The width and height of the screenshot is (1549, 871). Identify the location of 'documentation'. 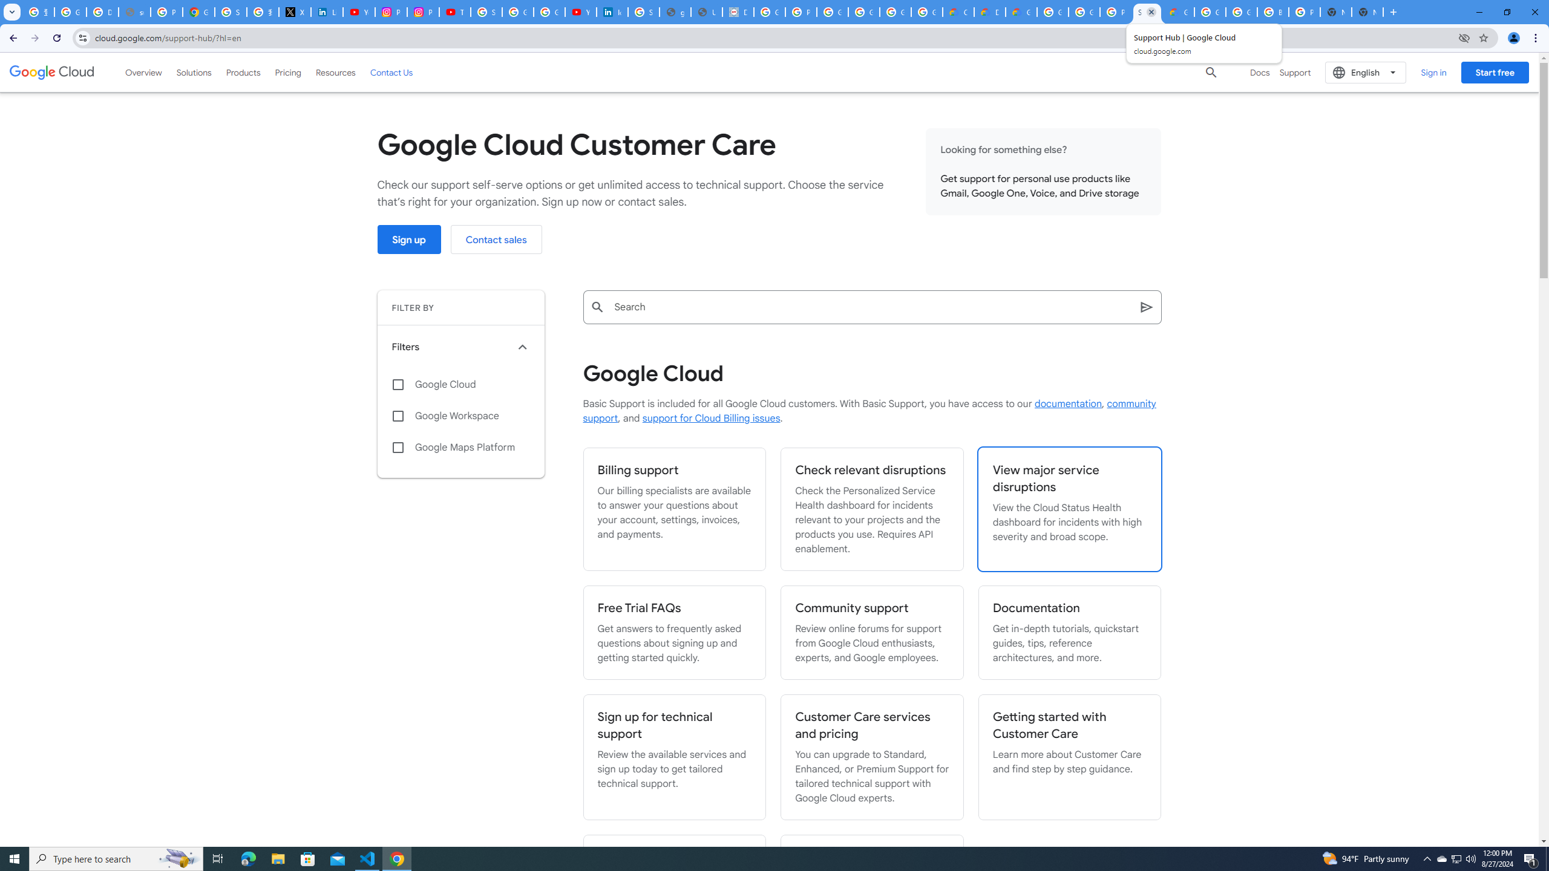
(1068, 403).